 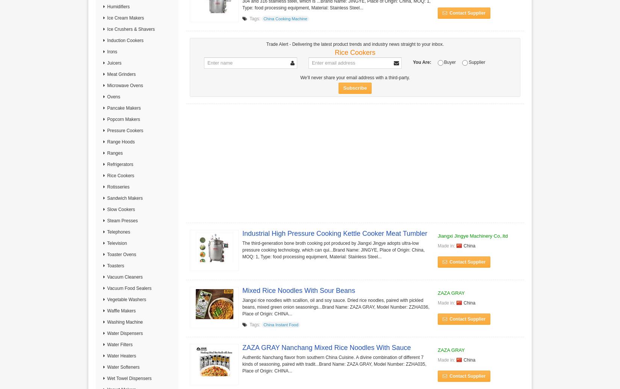 What do you see at coordinates (472, 235) in the screenshot?
I see `'Jiangxi Jingye Machinery Co,.ltd'` at bounding box center [472, 235].